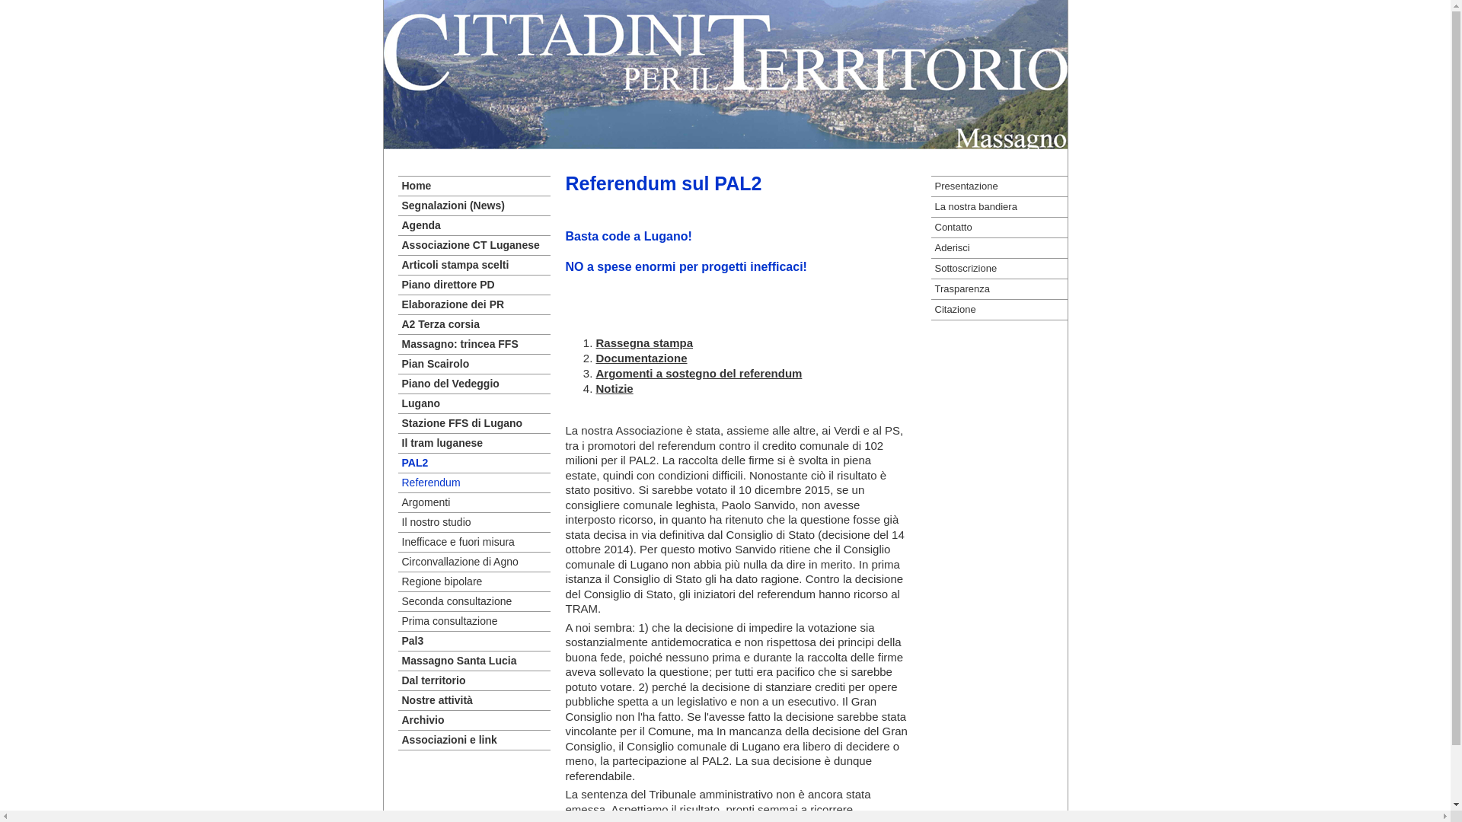 The height and width of the screenshot is (822, 1462). What do you see at coordinates (473, 719) in the screenshot?
I see `'Archivio'` at bounding box center [473, 719].